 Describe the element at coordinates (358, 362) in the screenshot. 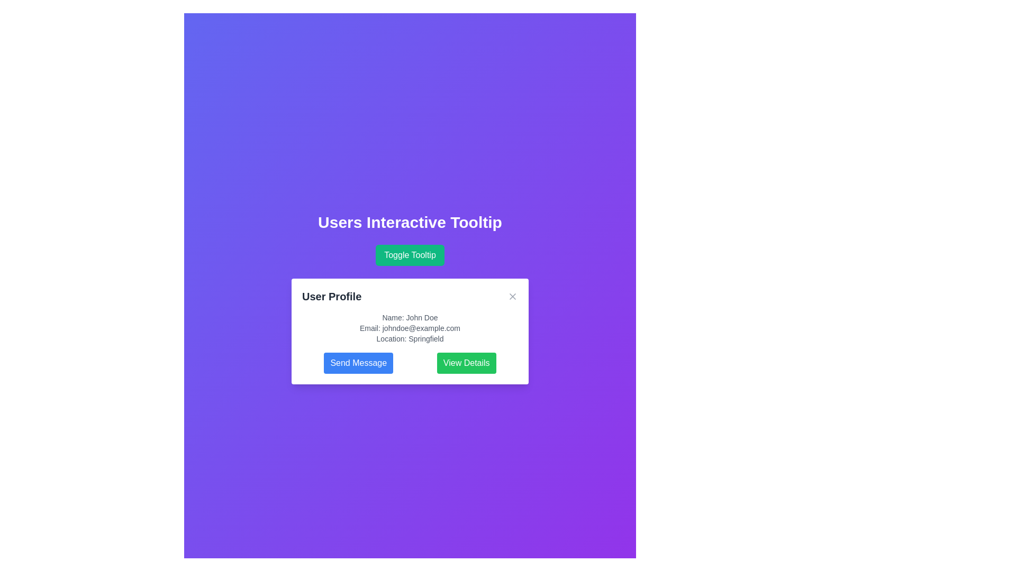

I see `the 'Send Message' button, which is a rectangular button with rounded corners, blue background, and white text, located at the bottom of the profile card, leftmost of the two buttons in the footer section` at that location.